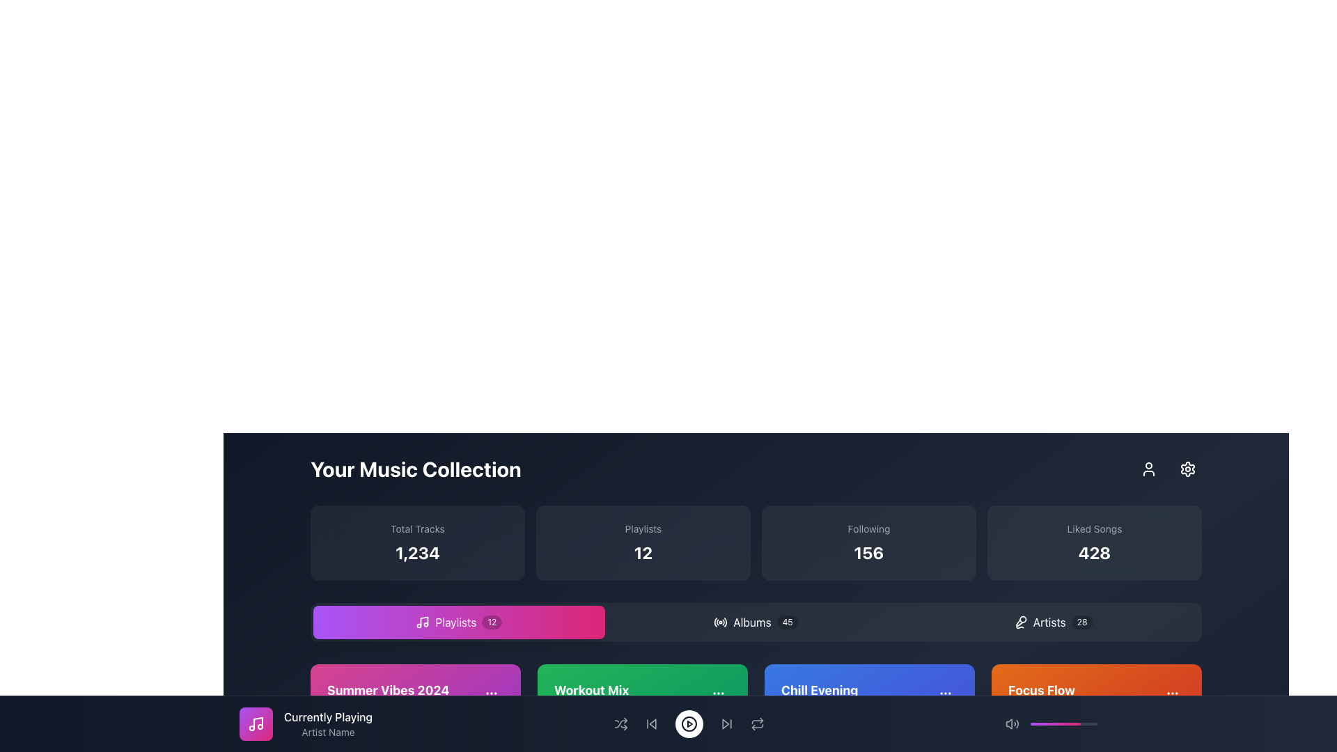 The height and width of the screenshot is (752, 1337). What do you see at coordinates (491, 693) in the screenshot?
I see `the second ellipsis icon button located in the pink highlighted 'Summer Vibes 2024' section` at bounding box center [491, 693].